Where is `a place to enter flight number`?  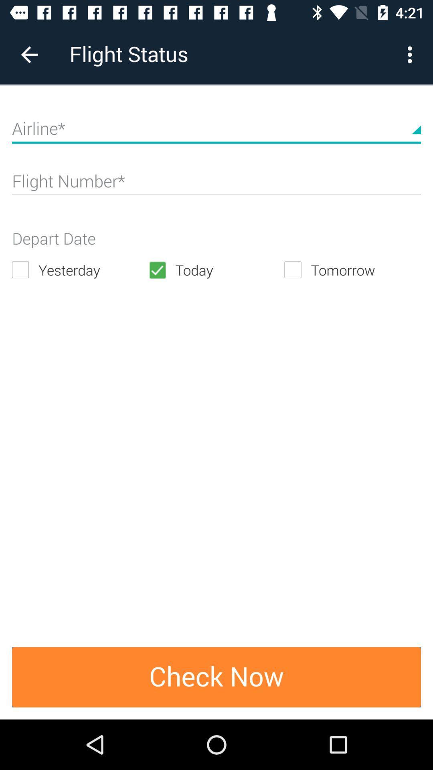 a place to enter flight number is located at coordinates (216, 184).